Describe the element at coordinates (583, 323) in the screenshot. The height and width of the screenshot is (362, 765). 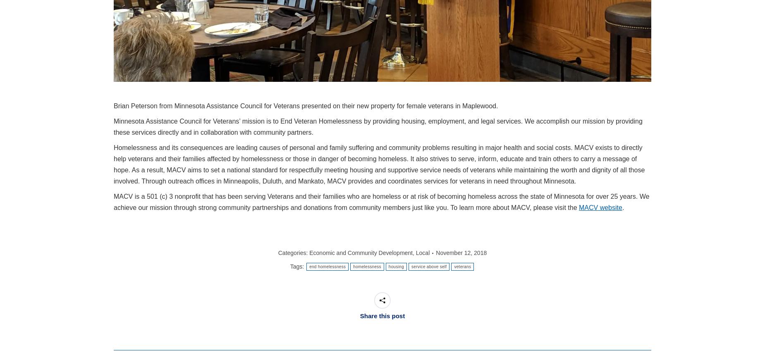
I see `'Zoom'` at that location.